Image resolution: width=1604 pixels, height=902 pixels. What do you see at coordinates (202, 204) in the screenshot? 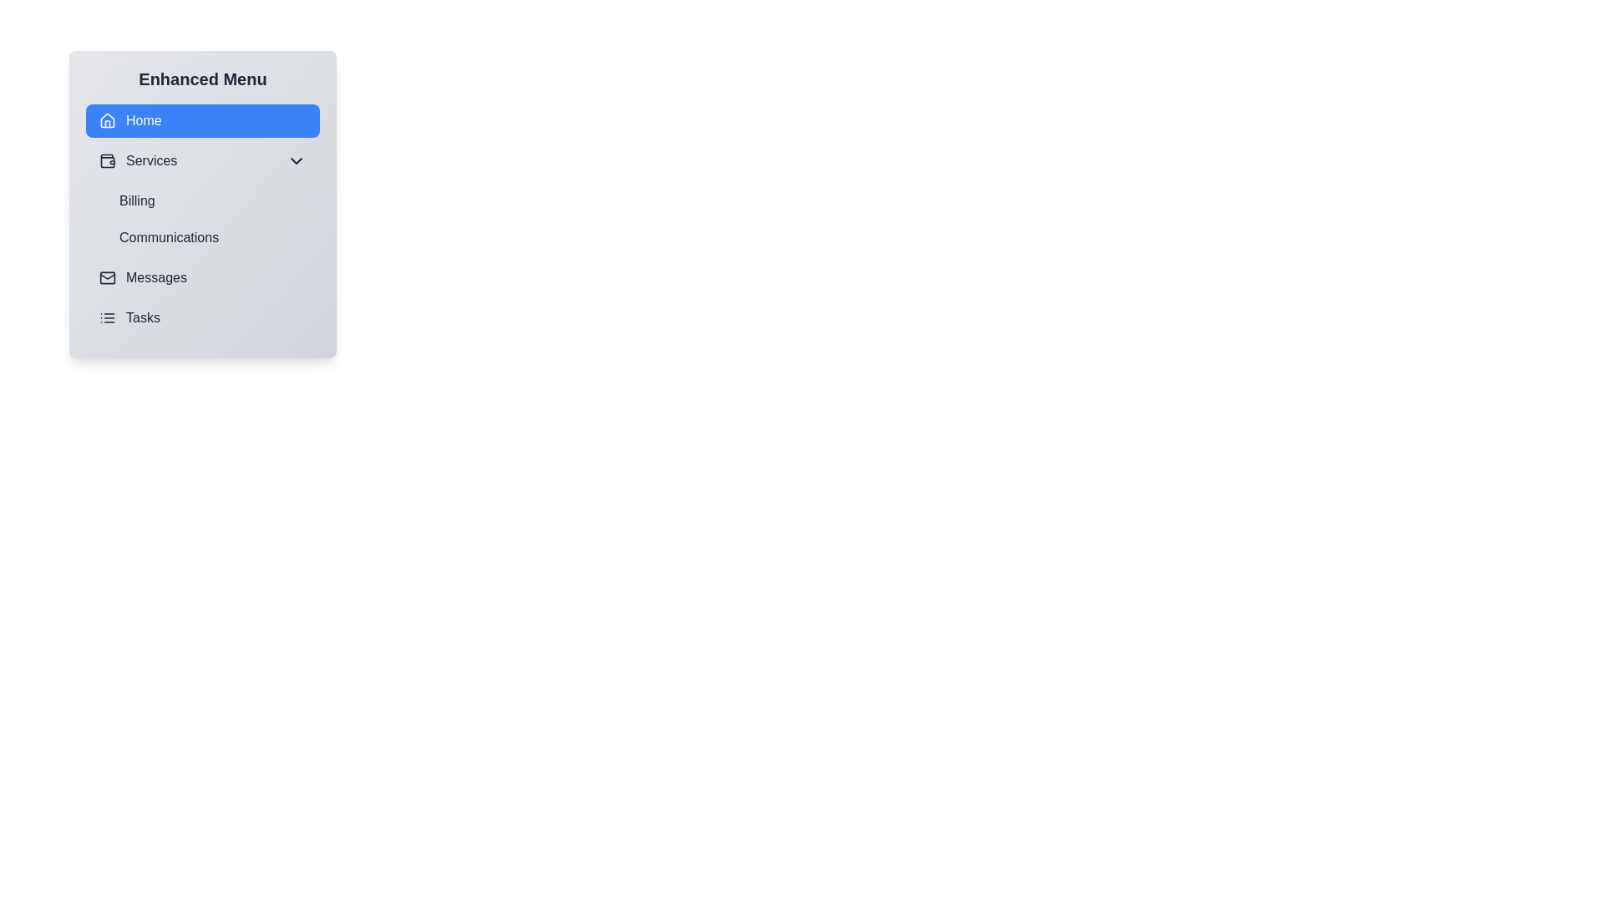
I see `the navigational menu located at the top-left area of the interface` at bounding box center [202, 204].